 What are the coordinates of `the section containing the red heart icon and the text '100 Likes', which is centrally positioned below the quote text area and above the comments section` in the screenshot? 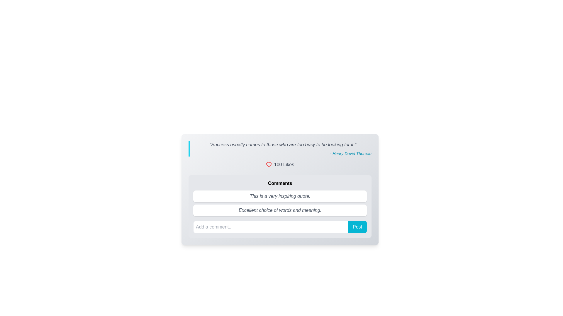 It's located at (280, 165).